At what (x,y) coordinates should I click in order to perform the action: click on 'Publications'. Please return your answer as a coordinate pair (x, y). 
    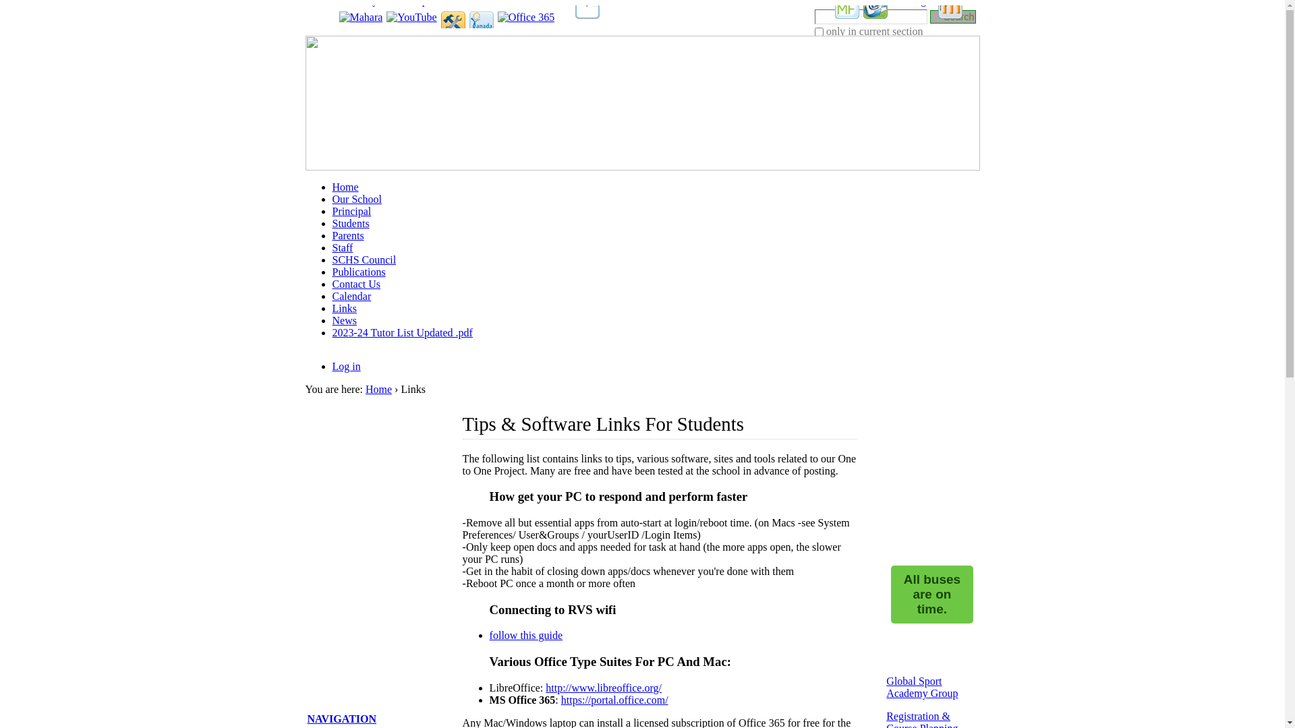
    Looking at the image, I should click on (358, 272).